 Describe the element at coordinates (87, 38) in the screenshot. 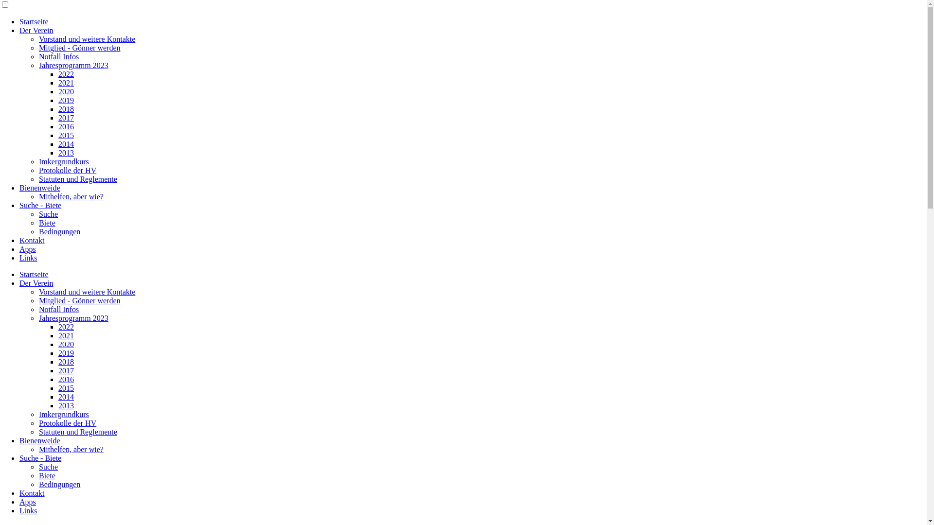

I see `'Vorstand und weitere Kontakte'` at that location.